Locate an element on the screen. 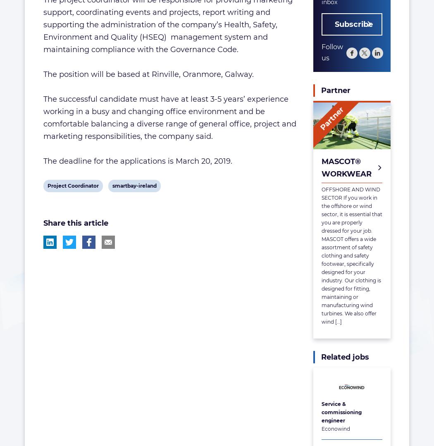  'Project Coordinator' is located at coordinates (47, 186).